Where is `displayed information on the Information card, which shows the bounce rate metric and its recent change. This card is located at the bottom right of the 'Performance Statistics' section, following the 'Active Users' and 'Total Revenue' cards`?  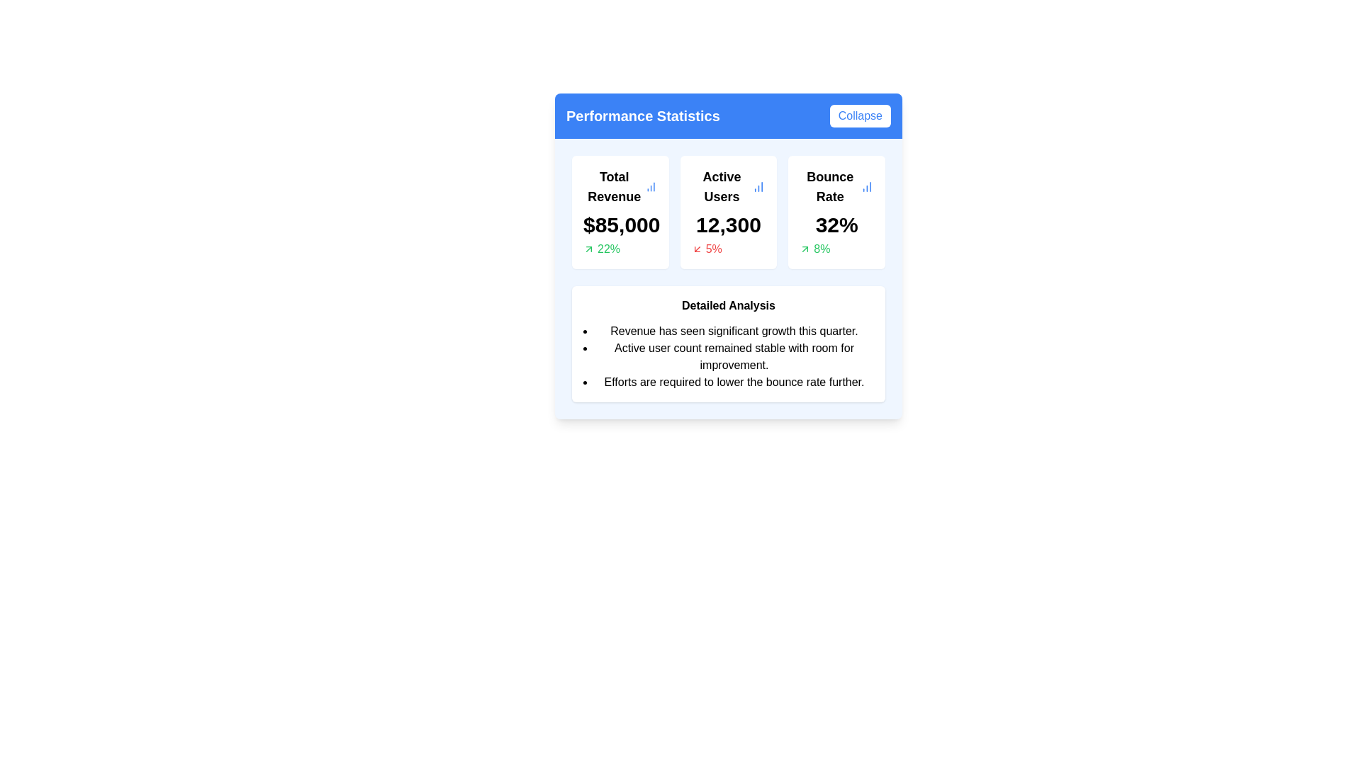
displayed information on the Information card, which shows the bounce rate metric and its recent change. This card is located at the bottom right of the 'Performance Statistics' section, following the 'Active Users' and 'Total Revenue' cards is located at coordinates (836, 212).